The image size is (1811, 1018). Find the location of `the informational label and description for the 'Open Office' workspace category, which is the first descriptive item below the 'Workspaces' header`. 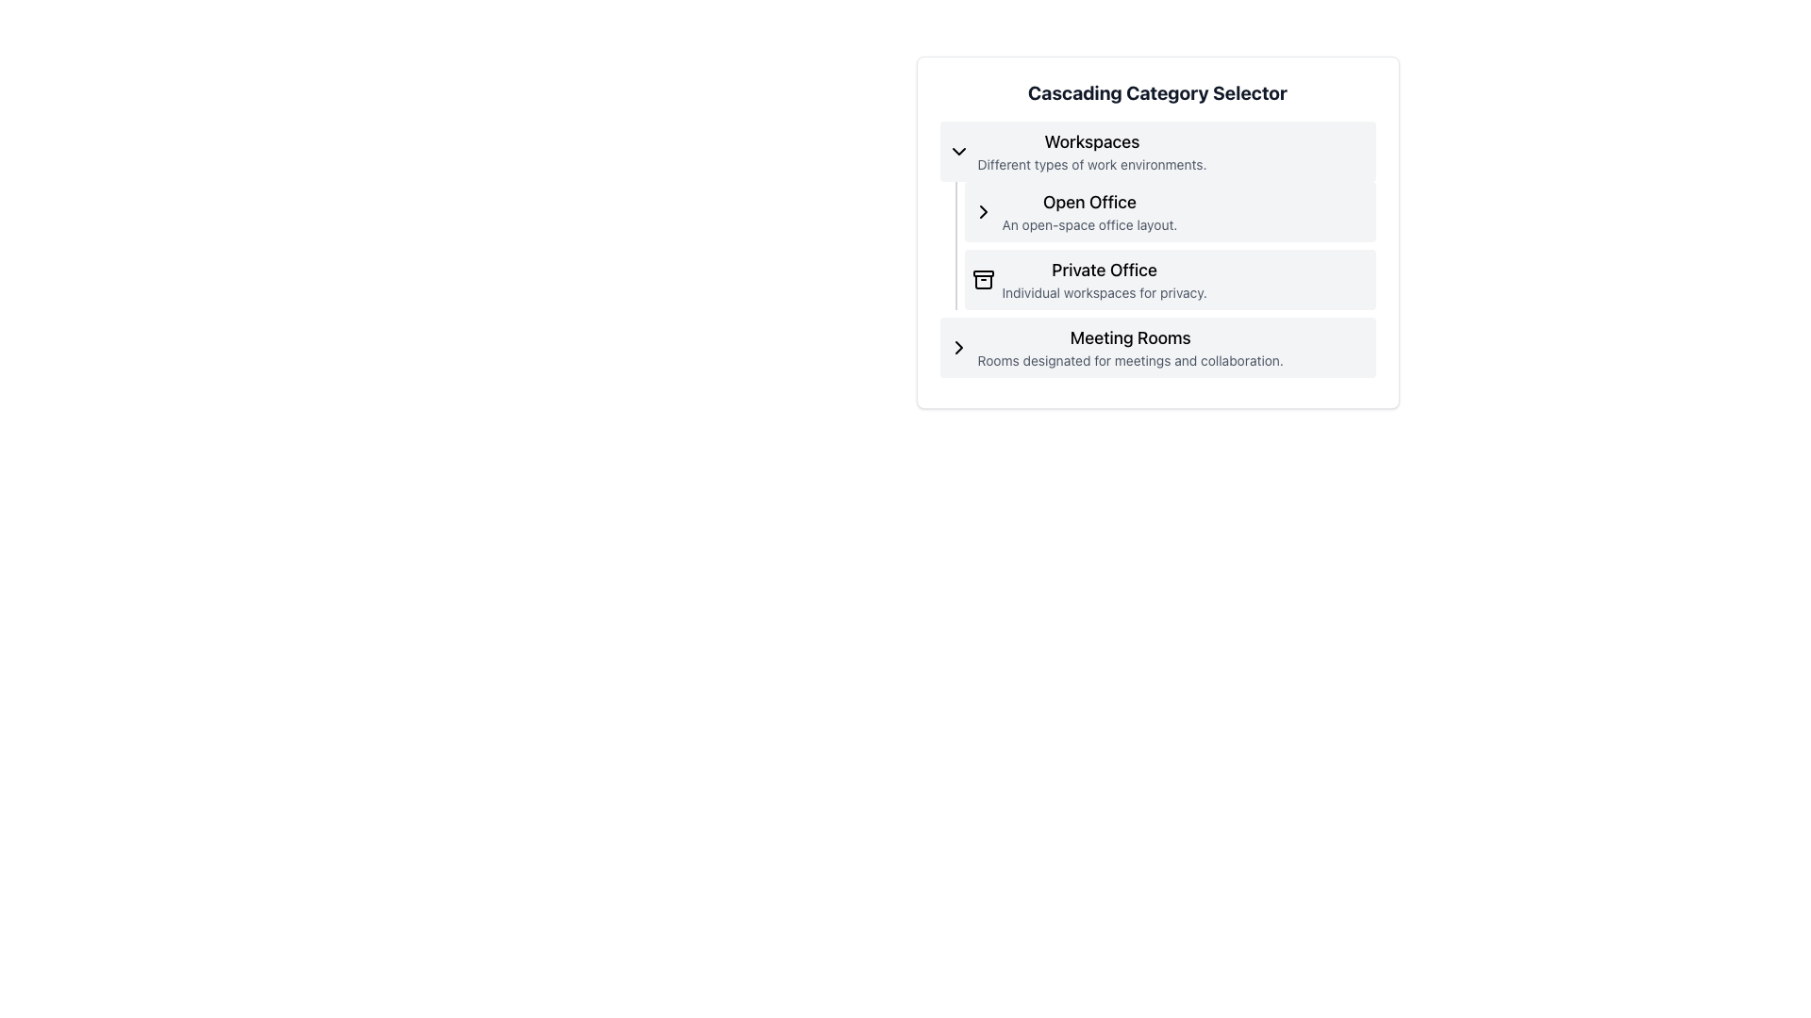

the informational label and description for the 'Open Office' workspace category, which is the first descriptive item below the 'Workspaces' header is located at coordinates (1089, 211).